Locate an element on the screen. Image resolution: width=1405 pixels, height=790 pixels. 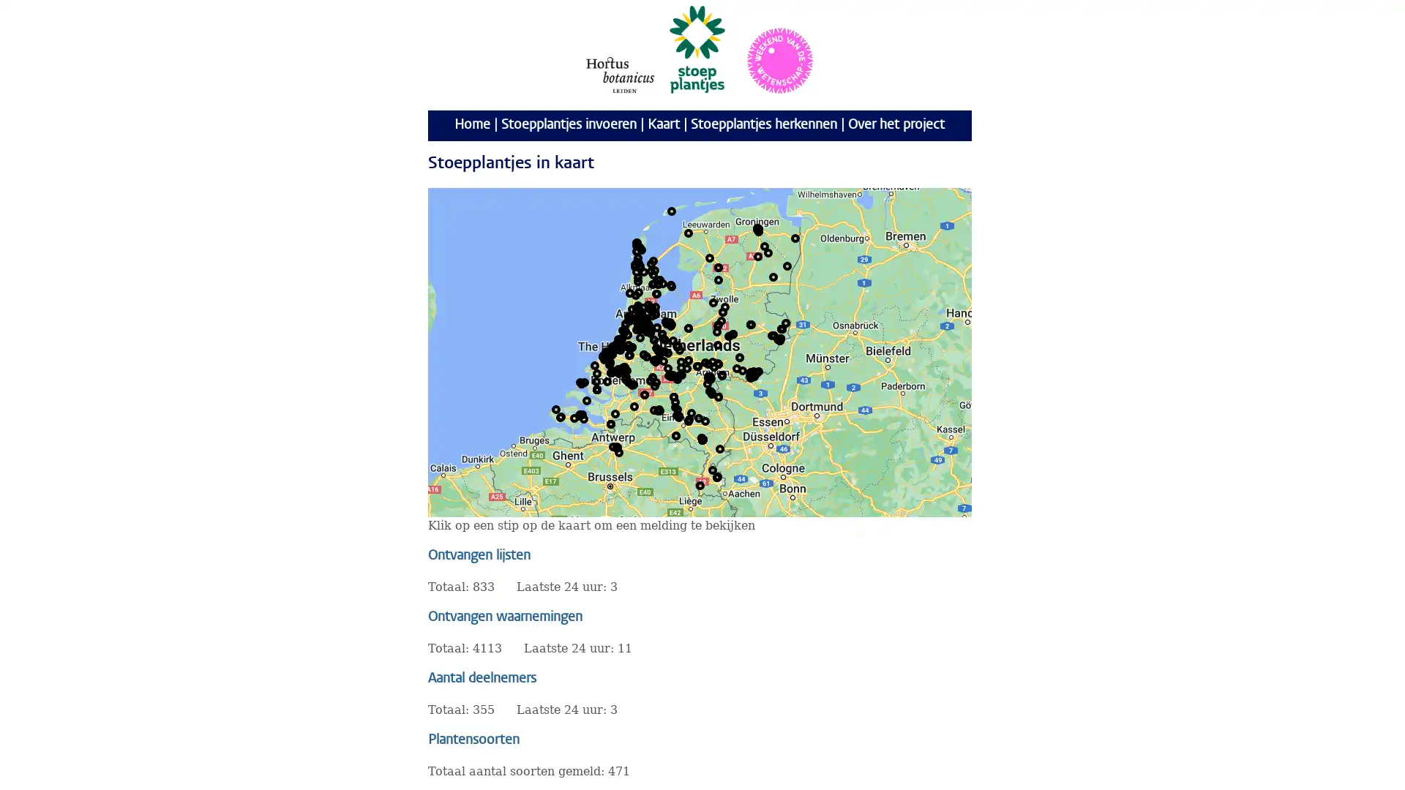
Telling van Piet op 26 maart 2022 is located at coordinates (618, 347).